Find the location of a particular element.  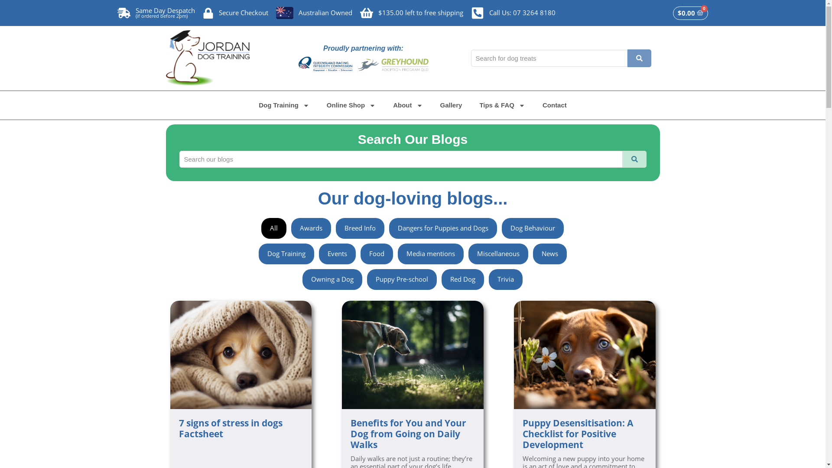

'Dog Training' is located at coordinates (284, 105).